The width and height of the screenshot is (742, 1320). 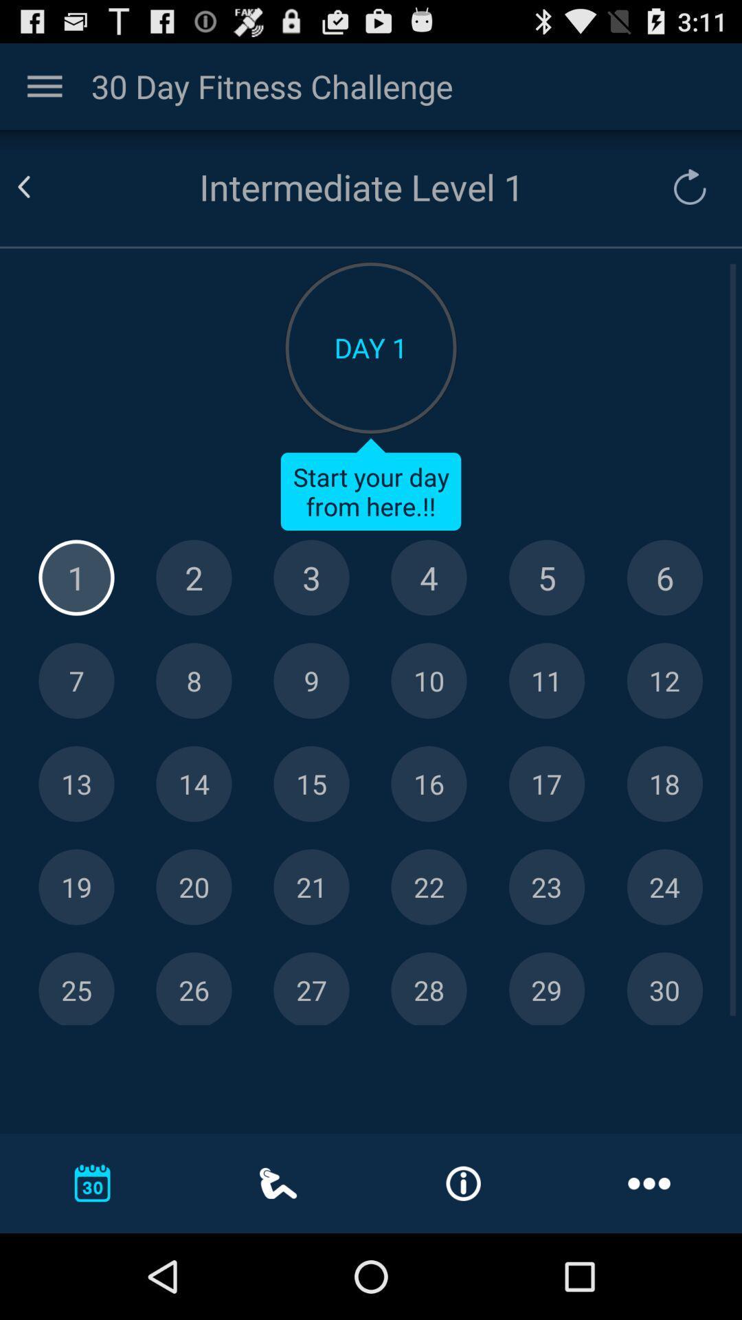 What do you see at coordinates (664, 617) in the screenshot?
I see `the globe icon` at bounding box center [664, 617].